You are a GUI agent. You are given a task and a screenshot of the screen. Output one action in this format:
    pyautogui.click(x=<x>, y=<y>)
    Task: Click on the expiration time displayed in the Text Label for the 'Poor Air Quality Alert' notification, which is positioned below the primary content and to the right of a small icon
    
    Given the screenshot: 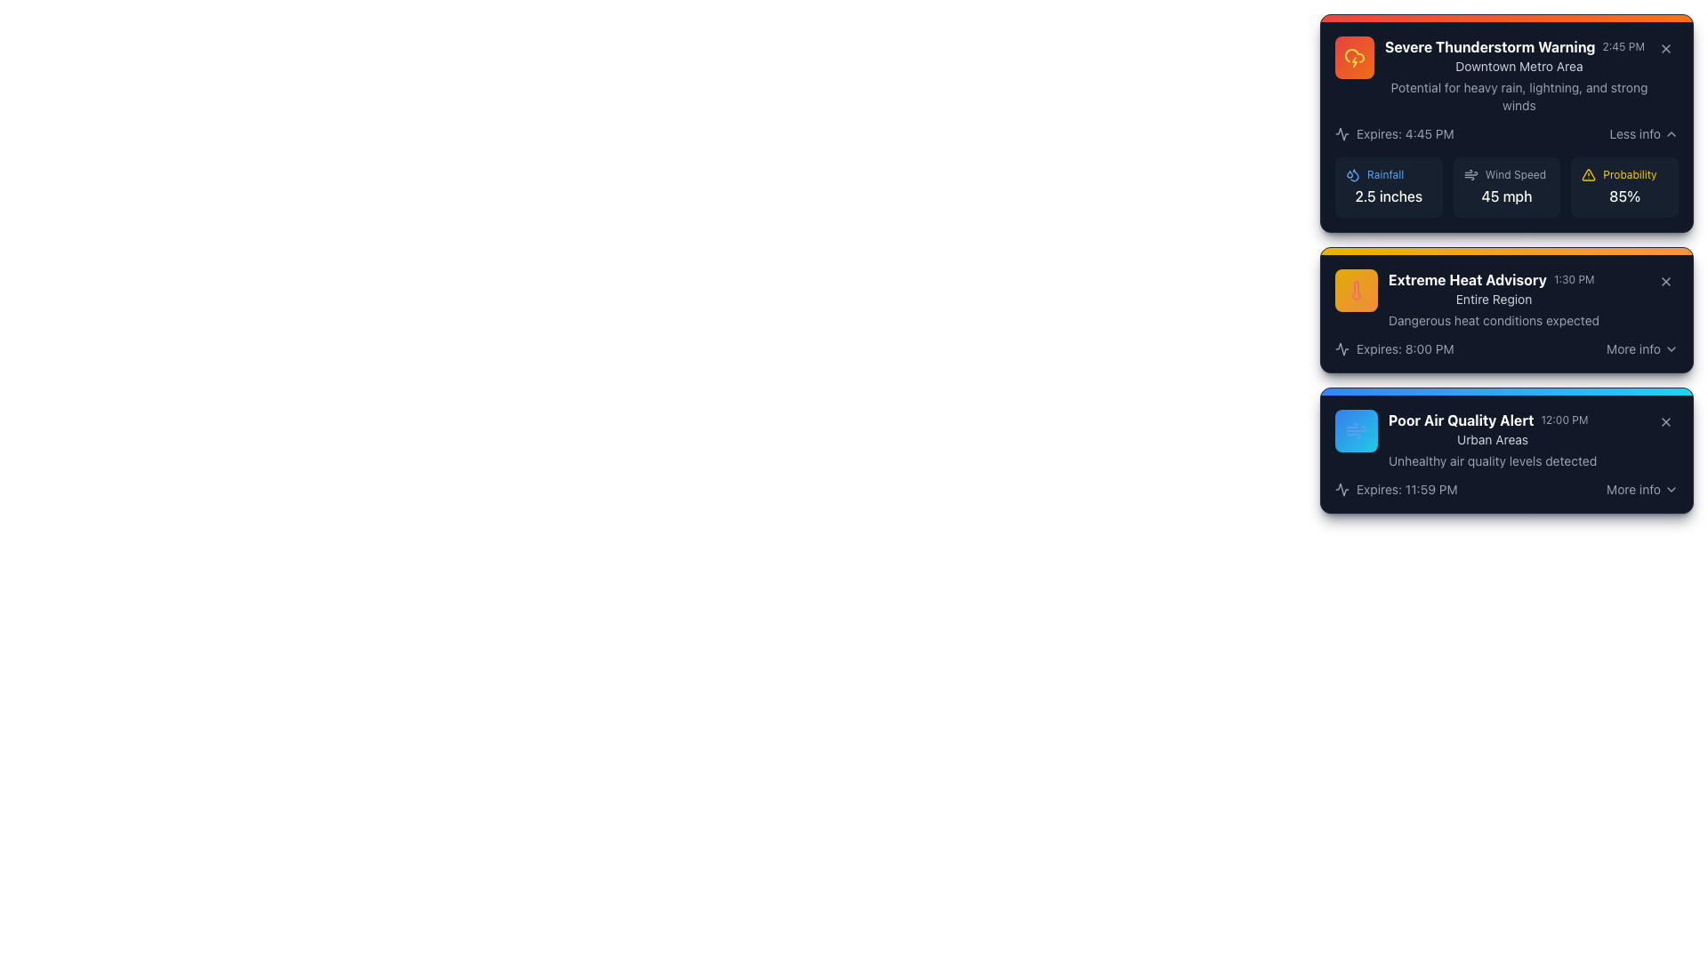 What is the action you would take?
    pyautogui.click(x=1406, y=490)
    